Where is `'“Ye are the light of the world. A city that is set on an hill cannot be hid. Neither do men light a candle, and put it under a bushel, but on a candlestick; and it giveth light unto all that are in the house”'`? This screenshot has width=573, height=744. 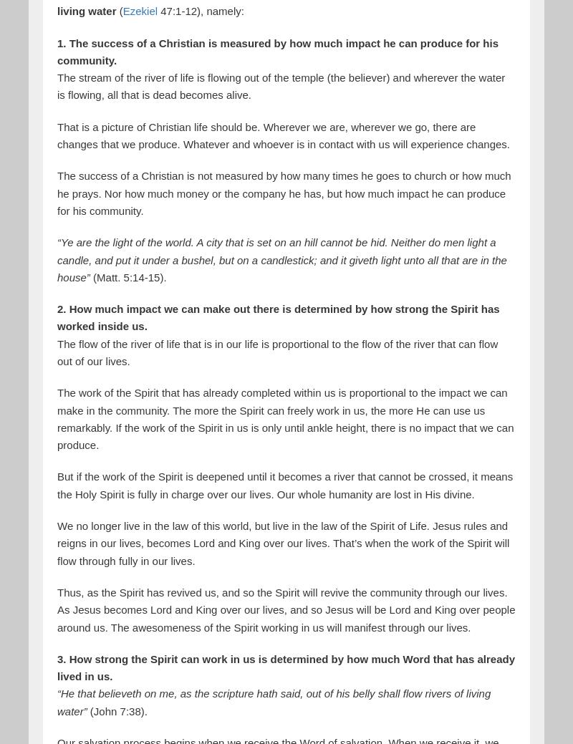 '“Ye are the light of the world. A city that is set on an hill cannot be hid. Neither do men light a candle, and put it under a bushel, but on a candlestick; and it giveth light unto all that are in the house”' is located at coordinates (57, 259).